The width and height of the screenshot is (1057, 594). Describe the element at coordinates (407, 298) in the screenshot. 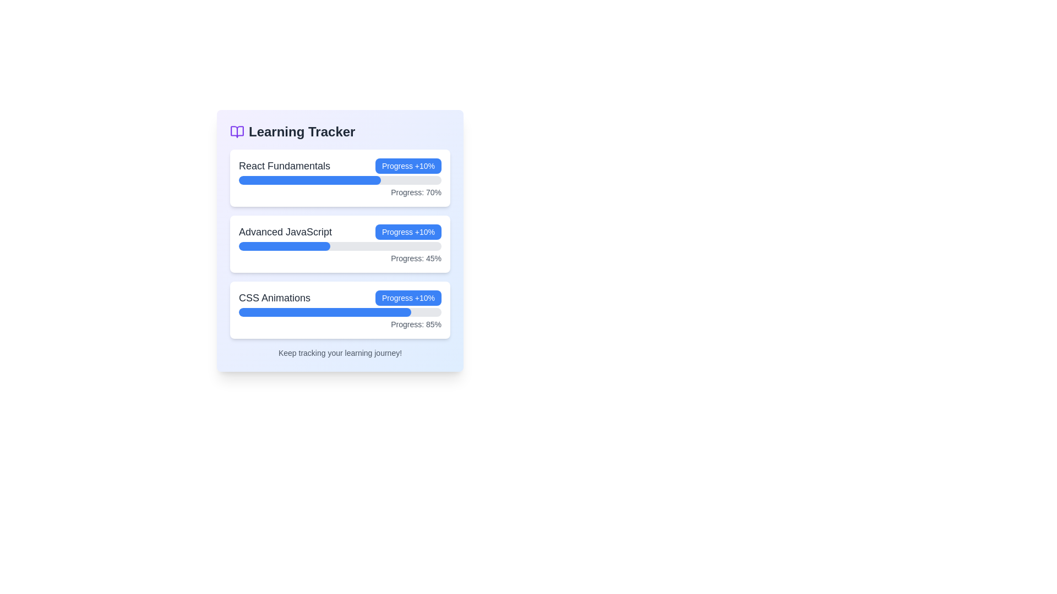

I see `the button labeled 'Progress +10%' which has a vibrant blue background and rounded corners` at that location.